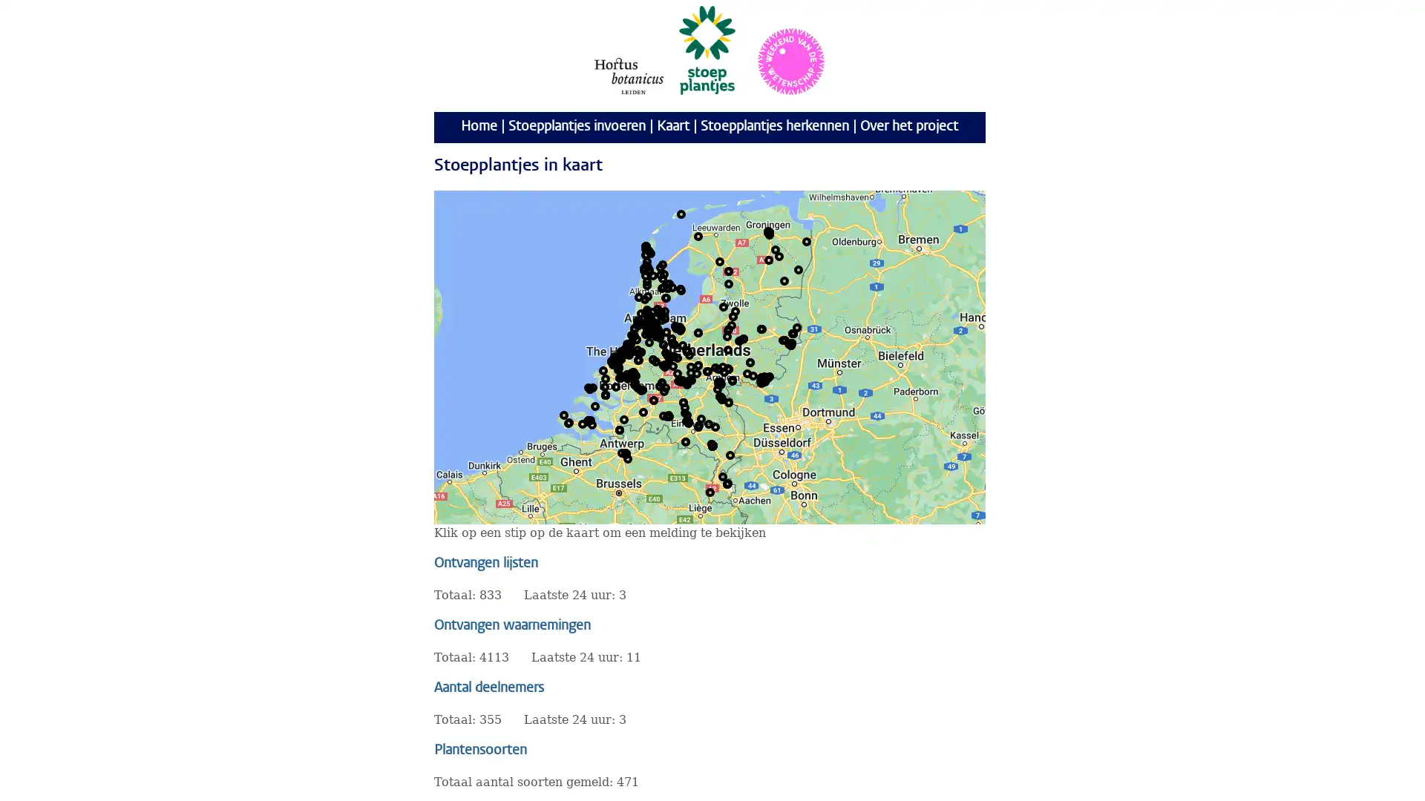  Describe the element at coordinates (733, 314) in the screenshot. I see `Telling van Leida op 08 april 2022` at that location.